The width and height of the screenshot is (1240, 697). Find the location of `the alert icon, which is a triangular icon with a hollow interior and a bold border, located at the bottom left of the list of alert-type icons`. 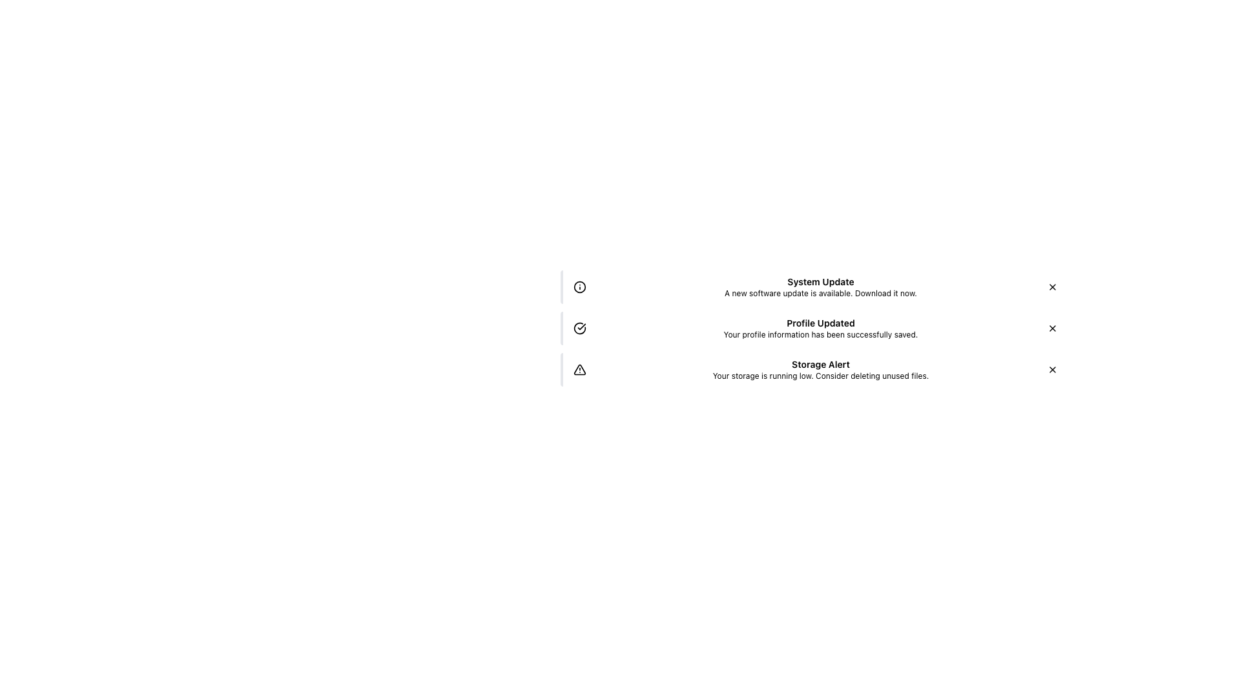

the alert icon, which is a triangular icon with a hollow interior and a bold border, located at the bottom left of the list of alert-type icons is located at coordinates (579, 369).